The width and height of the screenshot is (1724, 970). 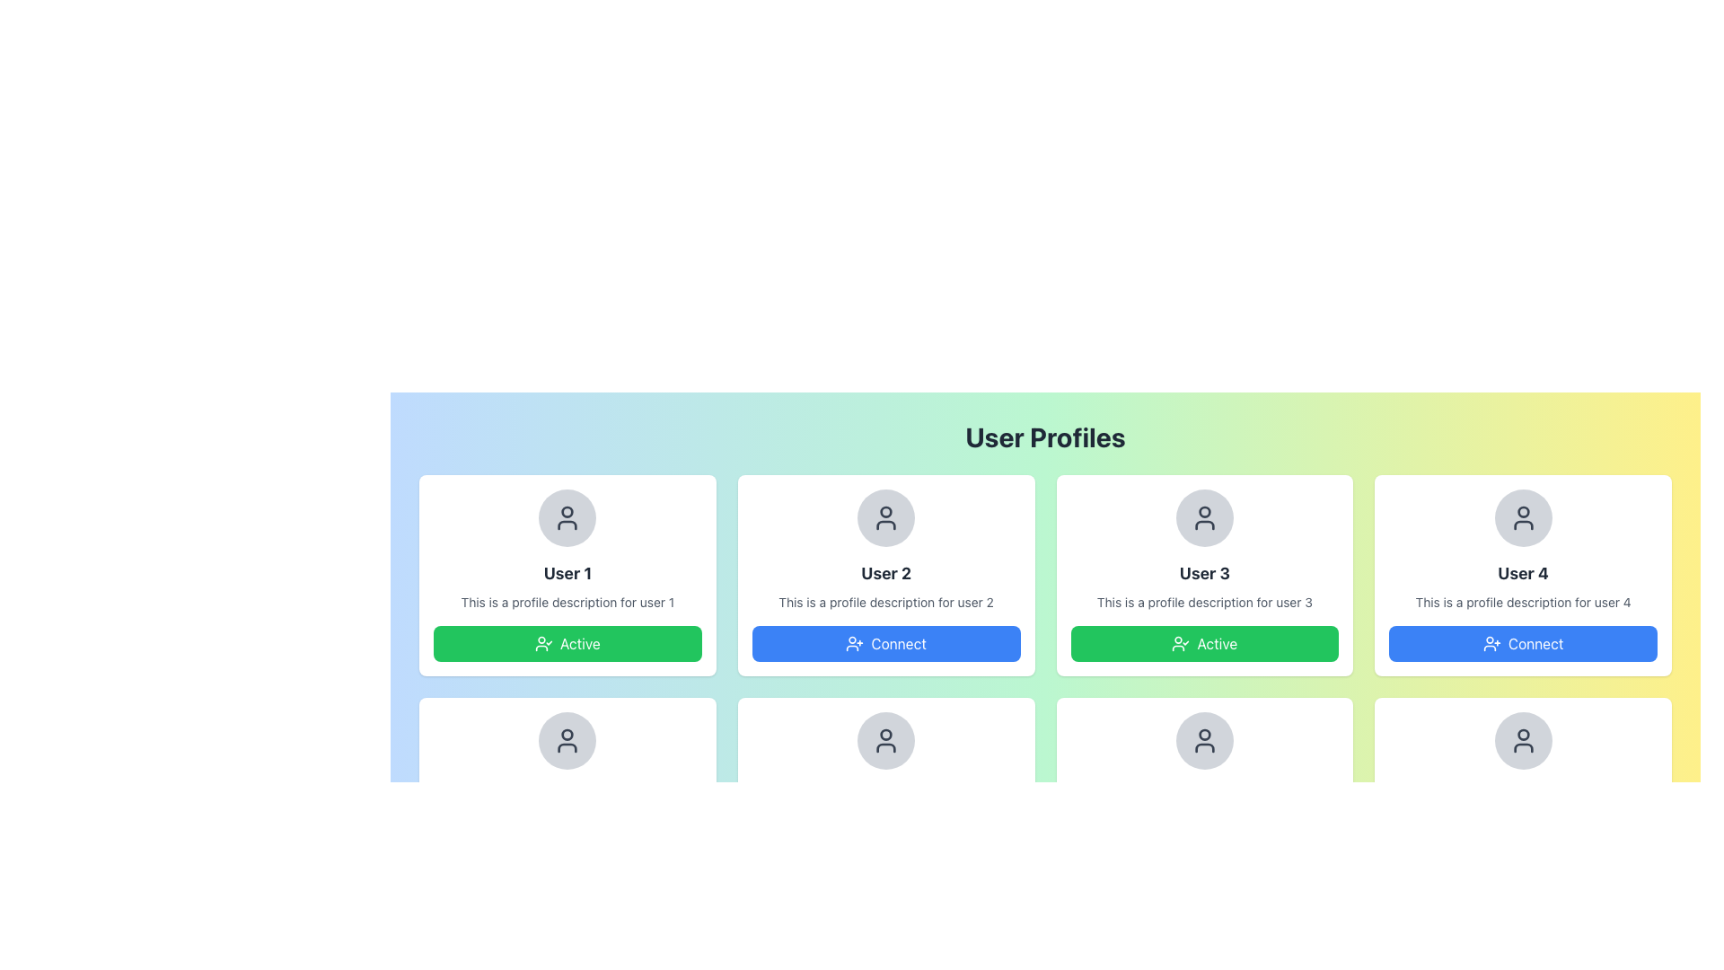 I want to click on the circular head icon of the user profile in the 'User 4' section located at the bottom right corner of the interface, so click(x=1522, y=735).